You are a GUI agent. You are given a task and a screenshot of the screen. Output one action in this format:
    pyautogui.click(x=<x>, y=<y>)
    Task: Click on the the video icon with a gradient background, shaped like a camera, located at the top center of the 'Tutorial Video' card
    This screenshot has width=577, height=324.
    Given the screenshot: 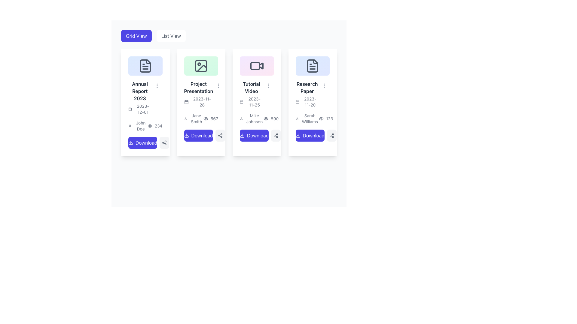 What is the action you would take?
    pyautogui.click(x=257, y=66)
    